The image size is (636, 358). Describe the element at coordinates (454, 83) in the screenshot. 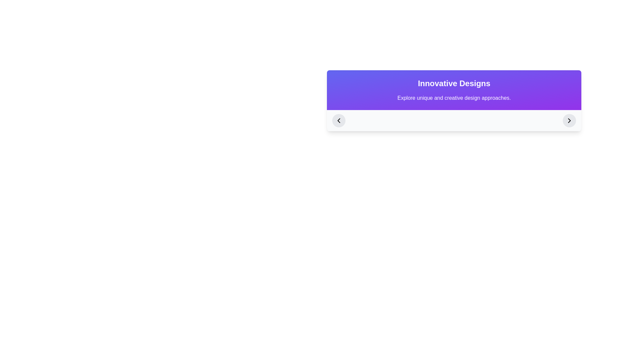

I see `the 'Innovative Designs' text block, which is styled in bold and extra-large font, located prominently at the top of its section with a gradient background` at that location.